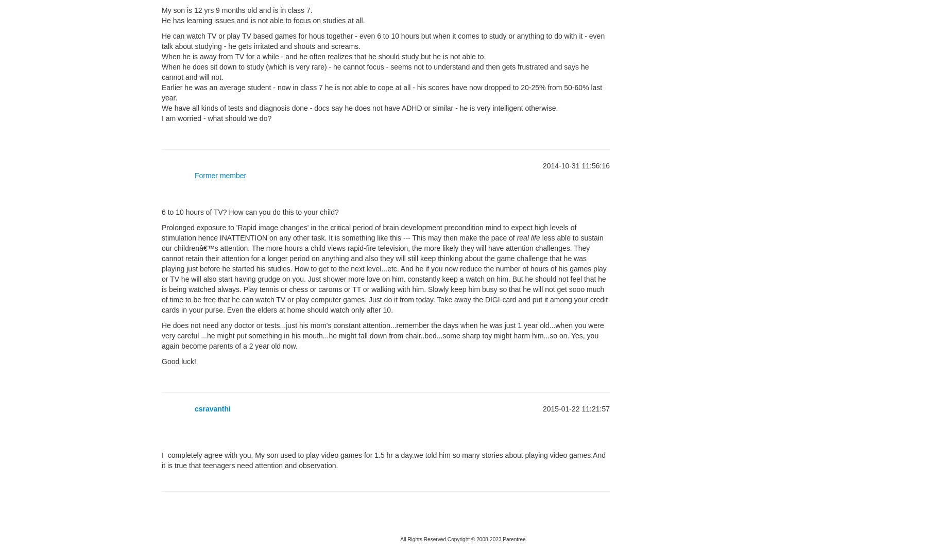  What do you see at coordinates (542, 165) in the screenshot?
I see `'2014-10-31 11:56:16'` at bounding box center [542, 165].